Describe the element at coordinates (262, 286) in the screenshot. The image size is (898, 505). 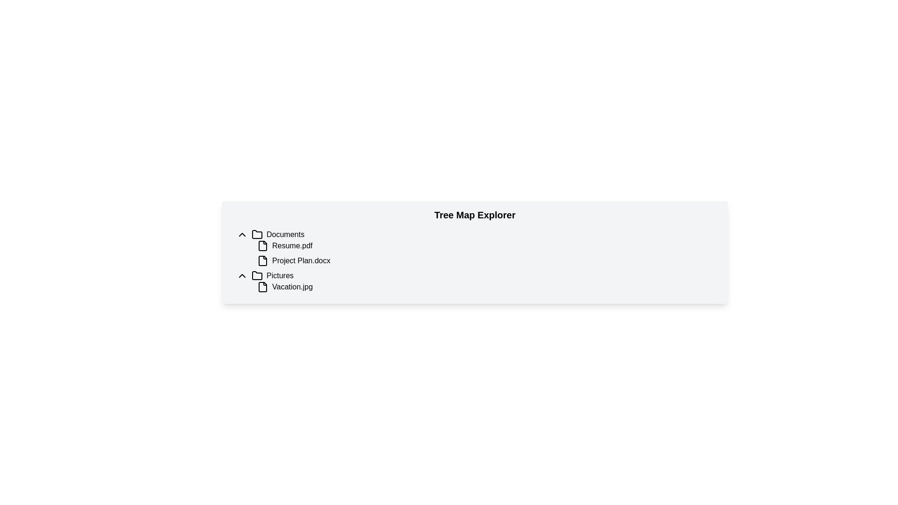
I see `the file icon representing 'Vacation.jpg' in the 'Pictures' directory of the 'Tree Map Explorer' interface` at that location.